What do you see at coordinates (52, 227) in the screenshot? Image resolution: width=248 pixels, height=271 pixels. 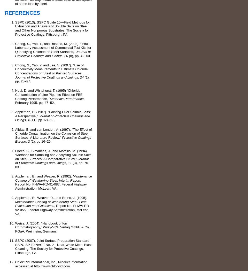 I see `'Weiss,  J. (2004). “Handbook of Ion Chromatography,” Wiley-VCH Verlag GmbH & Co.  KGaA, Weinheim, Germany.'` at bounding box center [52, 227].